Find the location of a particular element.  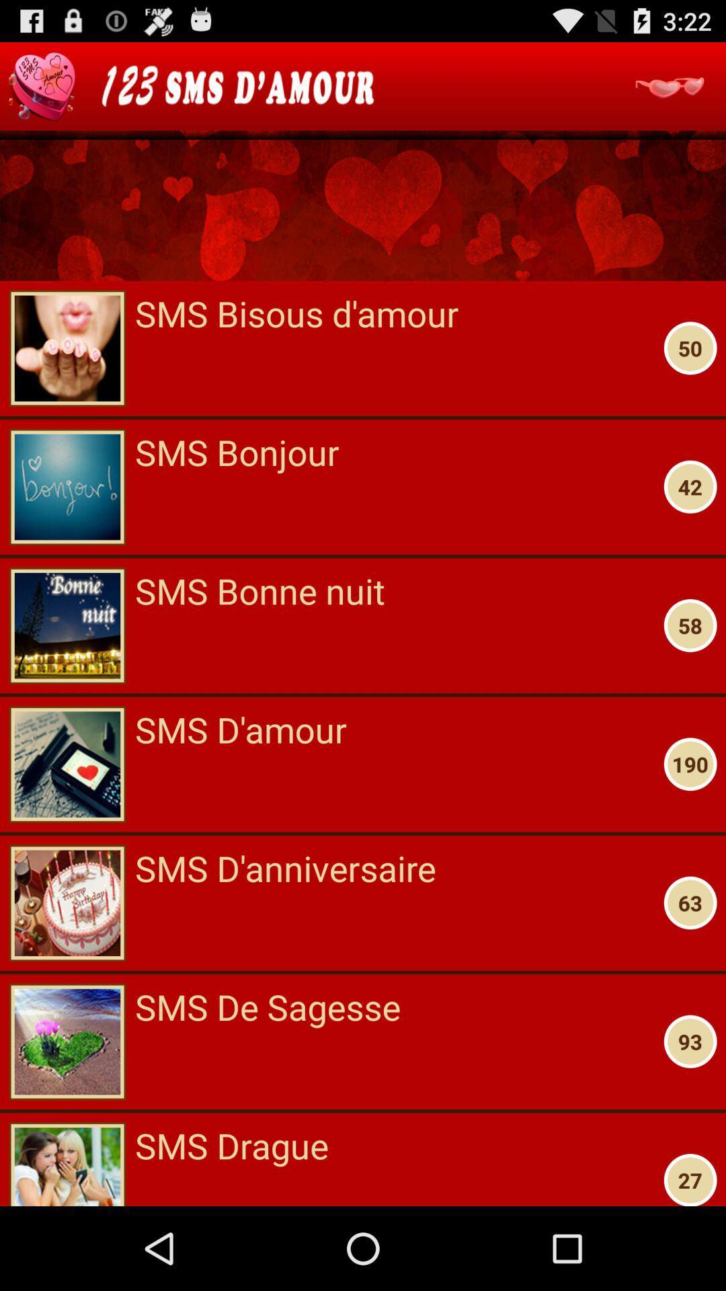

see more options is located at coordinates (669, 85).